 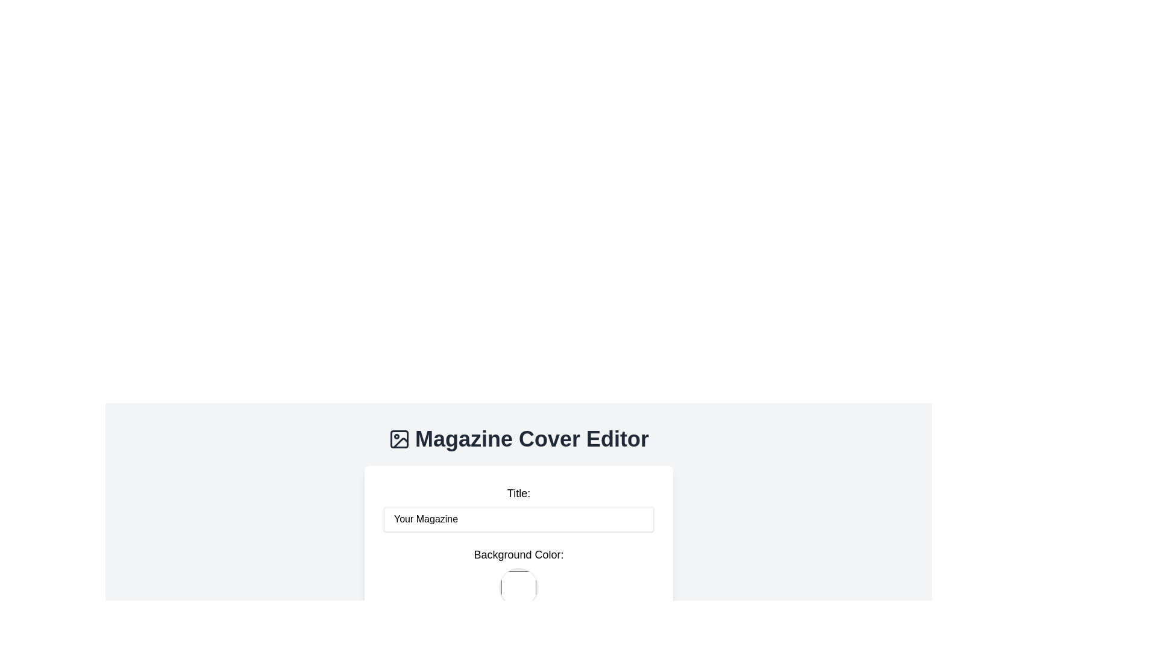 What do you see at coordinates (518, 494) in the screenshot?
I see `the text label 'Title:' which is styled with a larger font size and bold weight, positioned above the input field labeled 'Your Magazine'` at bounding box center [518, 494].